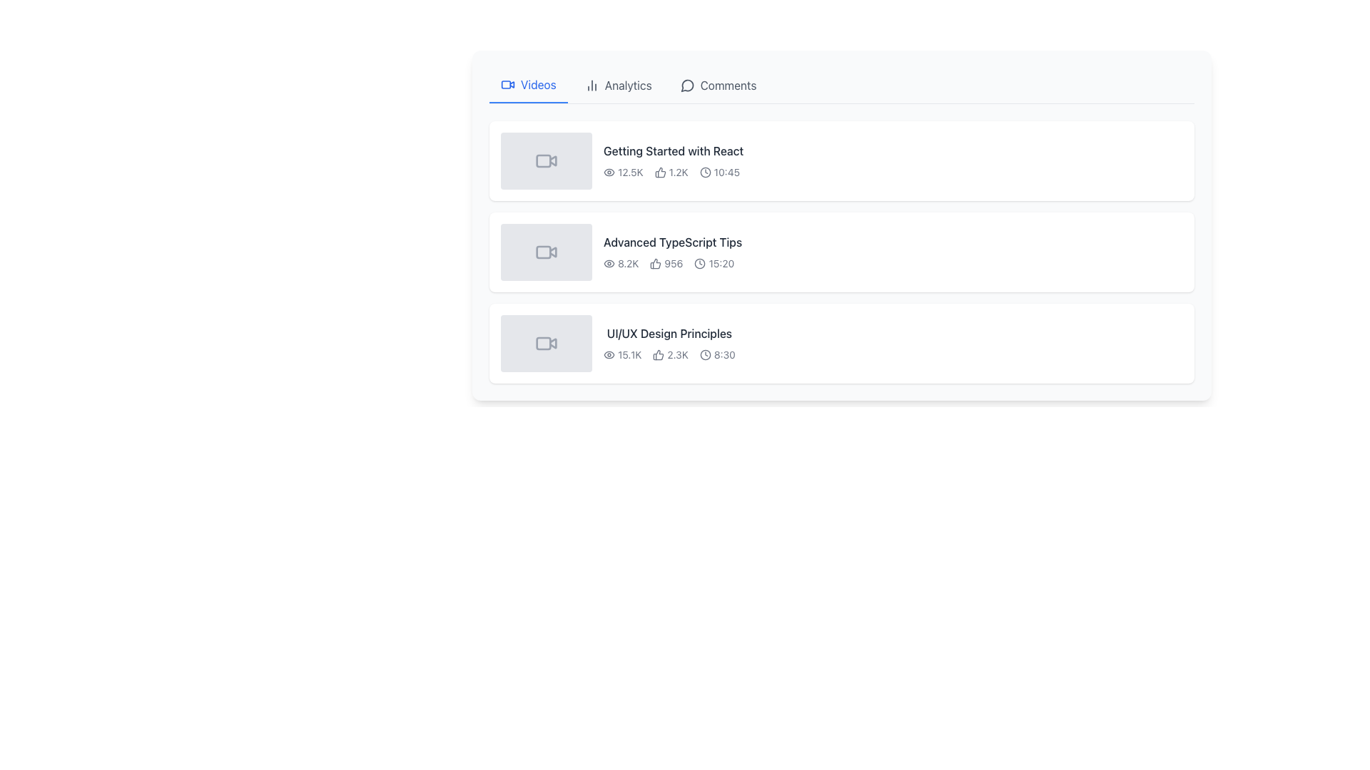 This screenshot has width=1370, height=770. I want to click on the Rectangular SVG shape icon located in the thumbnail of the first video entry 'Getting Started with React' to gather contextual information, so click(543, 160).